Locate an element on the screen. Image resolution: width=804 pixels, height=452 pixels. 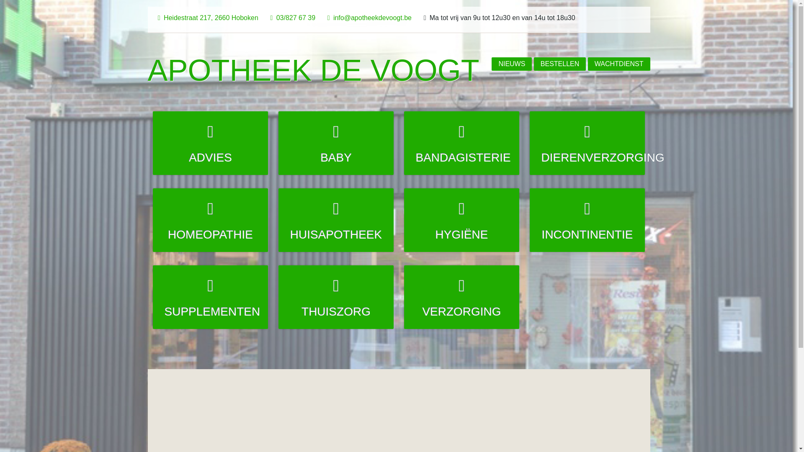
'BESTELLEN' is located at coordinates (560, 64).